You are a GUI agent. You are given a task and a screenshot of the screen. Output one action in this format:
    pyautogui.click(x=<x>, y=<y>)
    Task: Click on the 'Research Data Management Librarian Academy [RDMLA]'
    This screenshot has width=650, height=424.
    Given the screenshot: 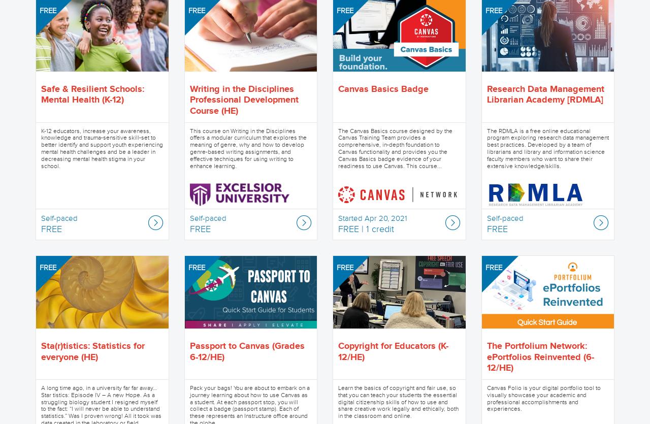 What is the action you would take?
    pyautogui.click(x=485, y=94)
    